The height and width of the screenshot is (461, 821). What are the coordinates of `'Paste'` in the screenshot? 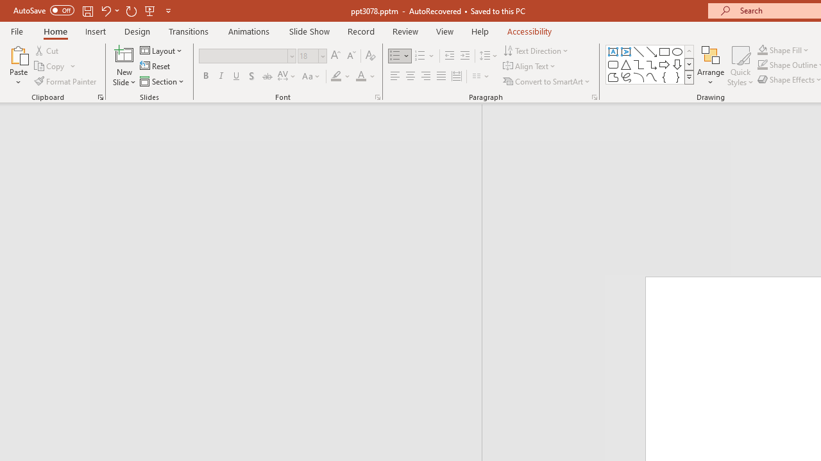 It's located at (18, 66).